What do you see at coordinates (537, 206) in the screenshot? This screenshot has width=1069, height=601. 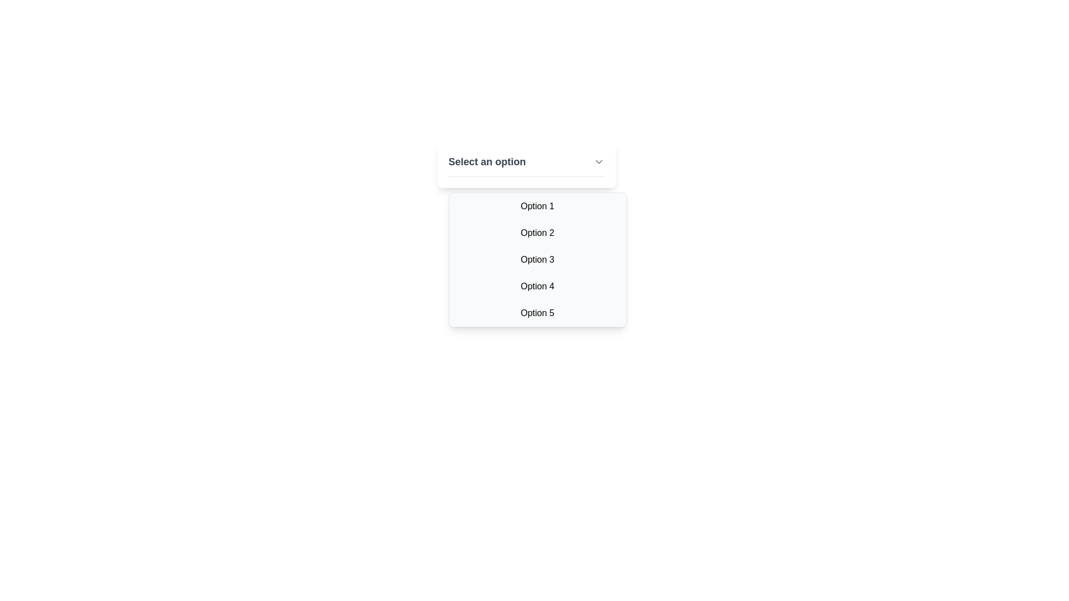 I see `the first option in the dropdown menu labeled 'Option 1', which is styled to change background color to blue and text color to white when hovered over` at bounding box center [537, 206].